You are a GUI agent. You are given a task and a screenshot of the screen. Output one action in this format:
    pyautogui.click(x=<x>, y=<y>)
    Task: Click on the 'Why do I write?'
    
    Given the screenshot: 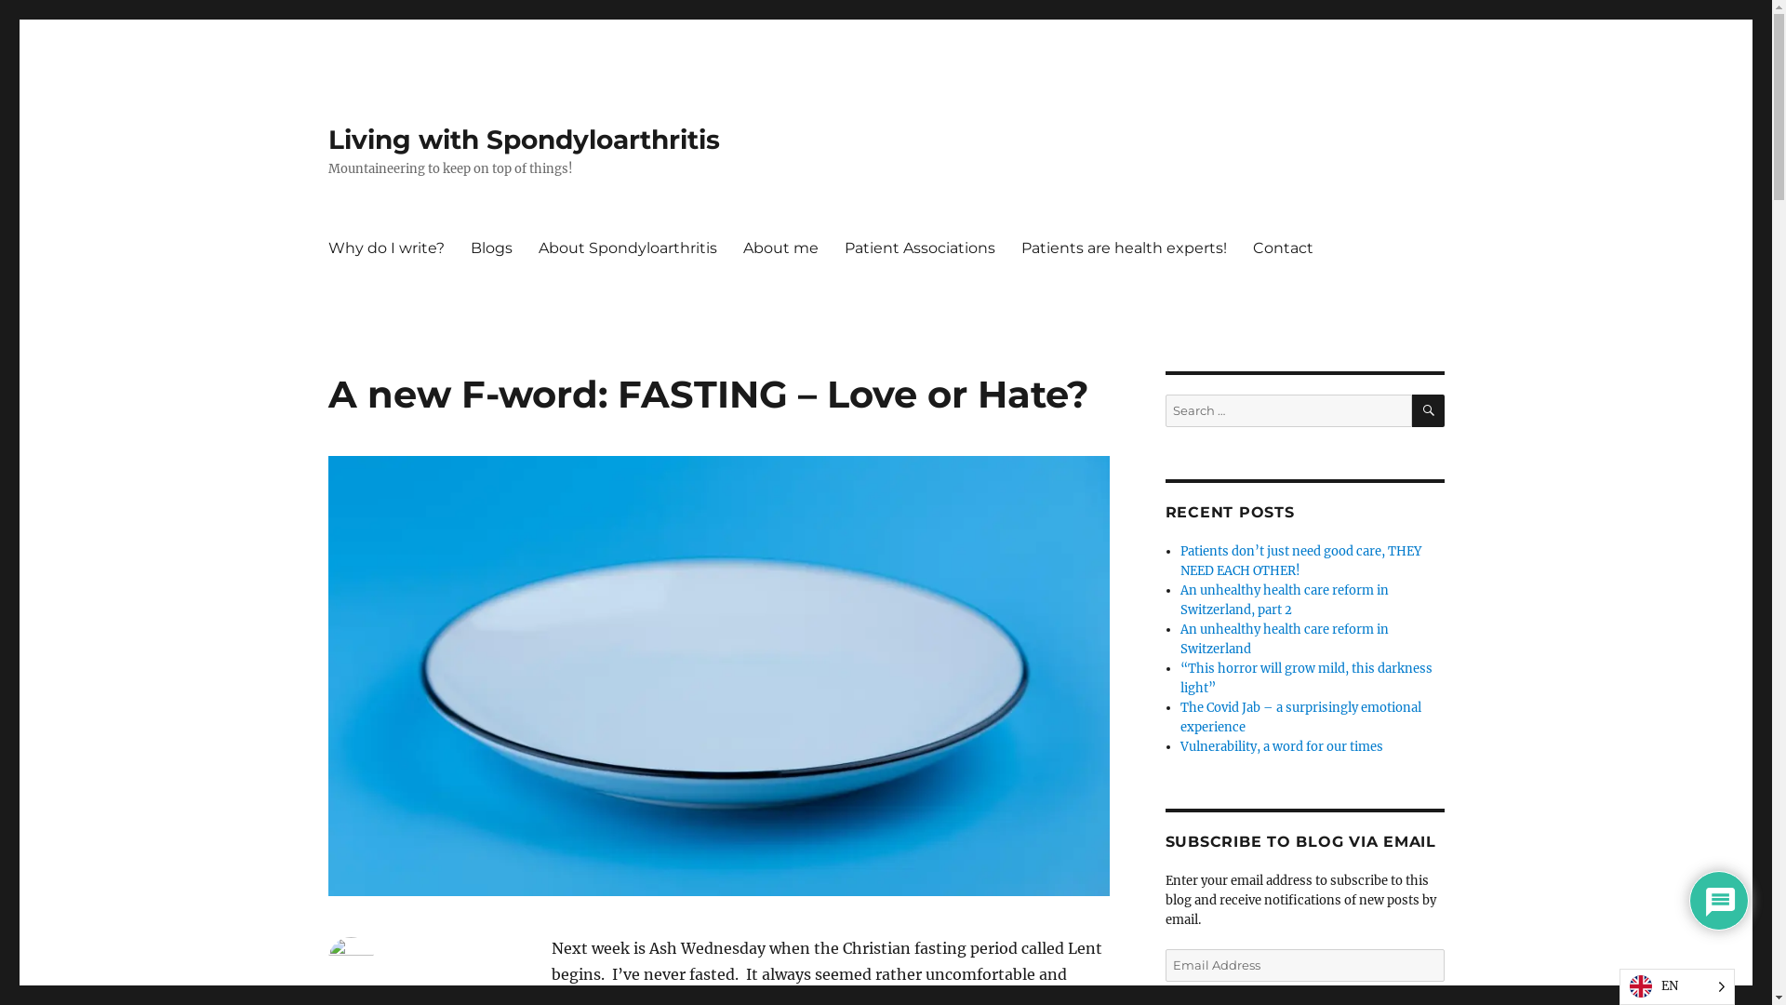 What is the action you would take?
    pyautogui.click(x=384, y=247)
    